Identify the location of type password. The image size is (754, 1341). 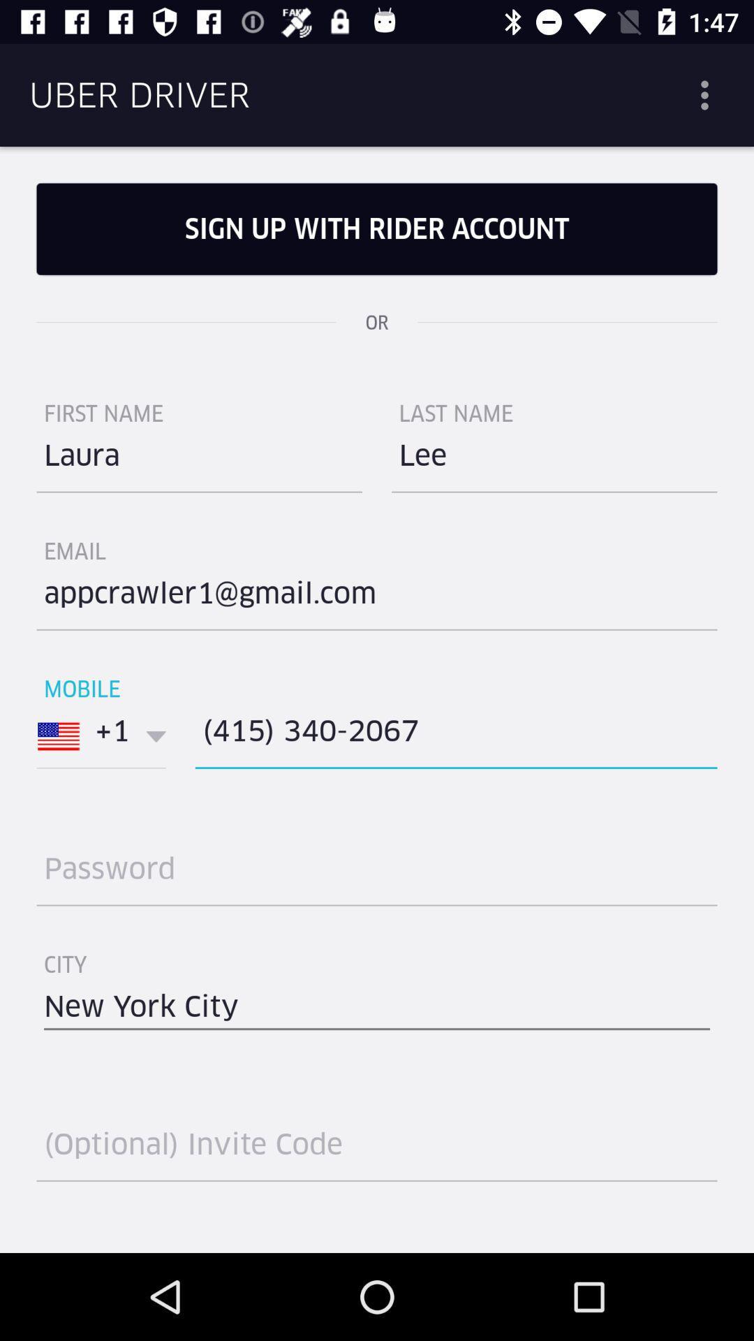
(377, 874).